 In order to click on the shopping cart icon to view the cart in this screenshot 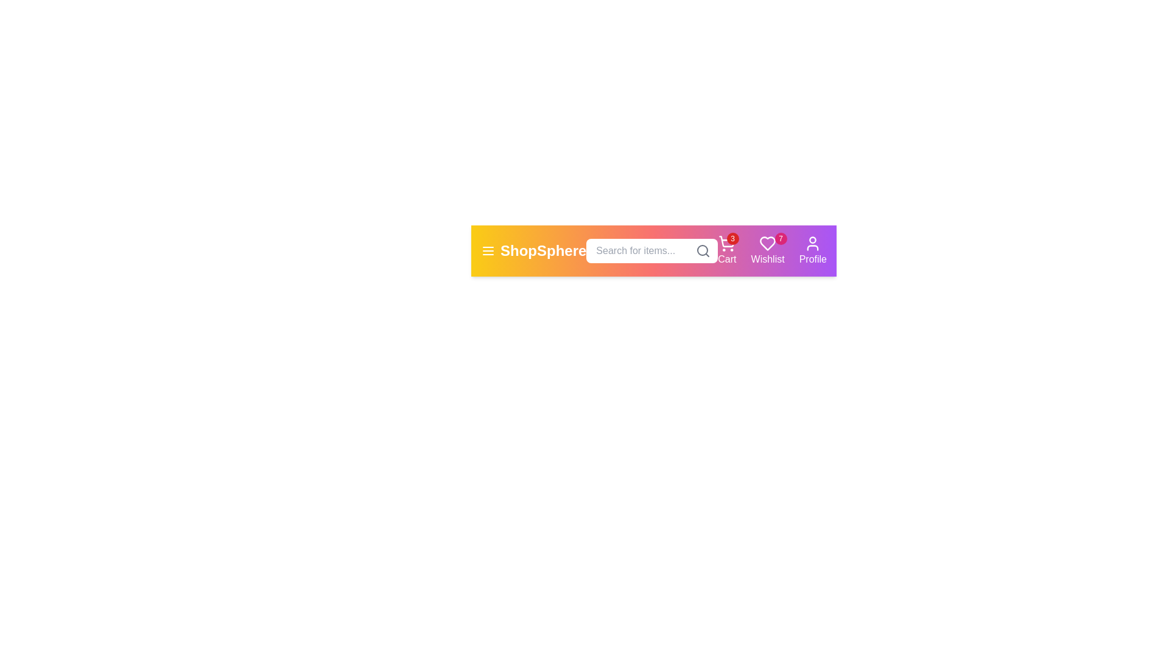, I will do `click(727, 250)`.